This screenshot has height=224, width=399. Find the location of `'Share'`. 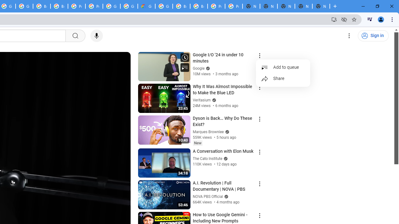

'Share' is located at coordinates (283, 78).